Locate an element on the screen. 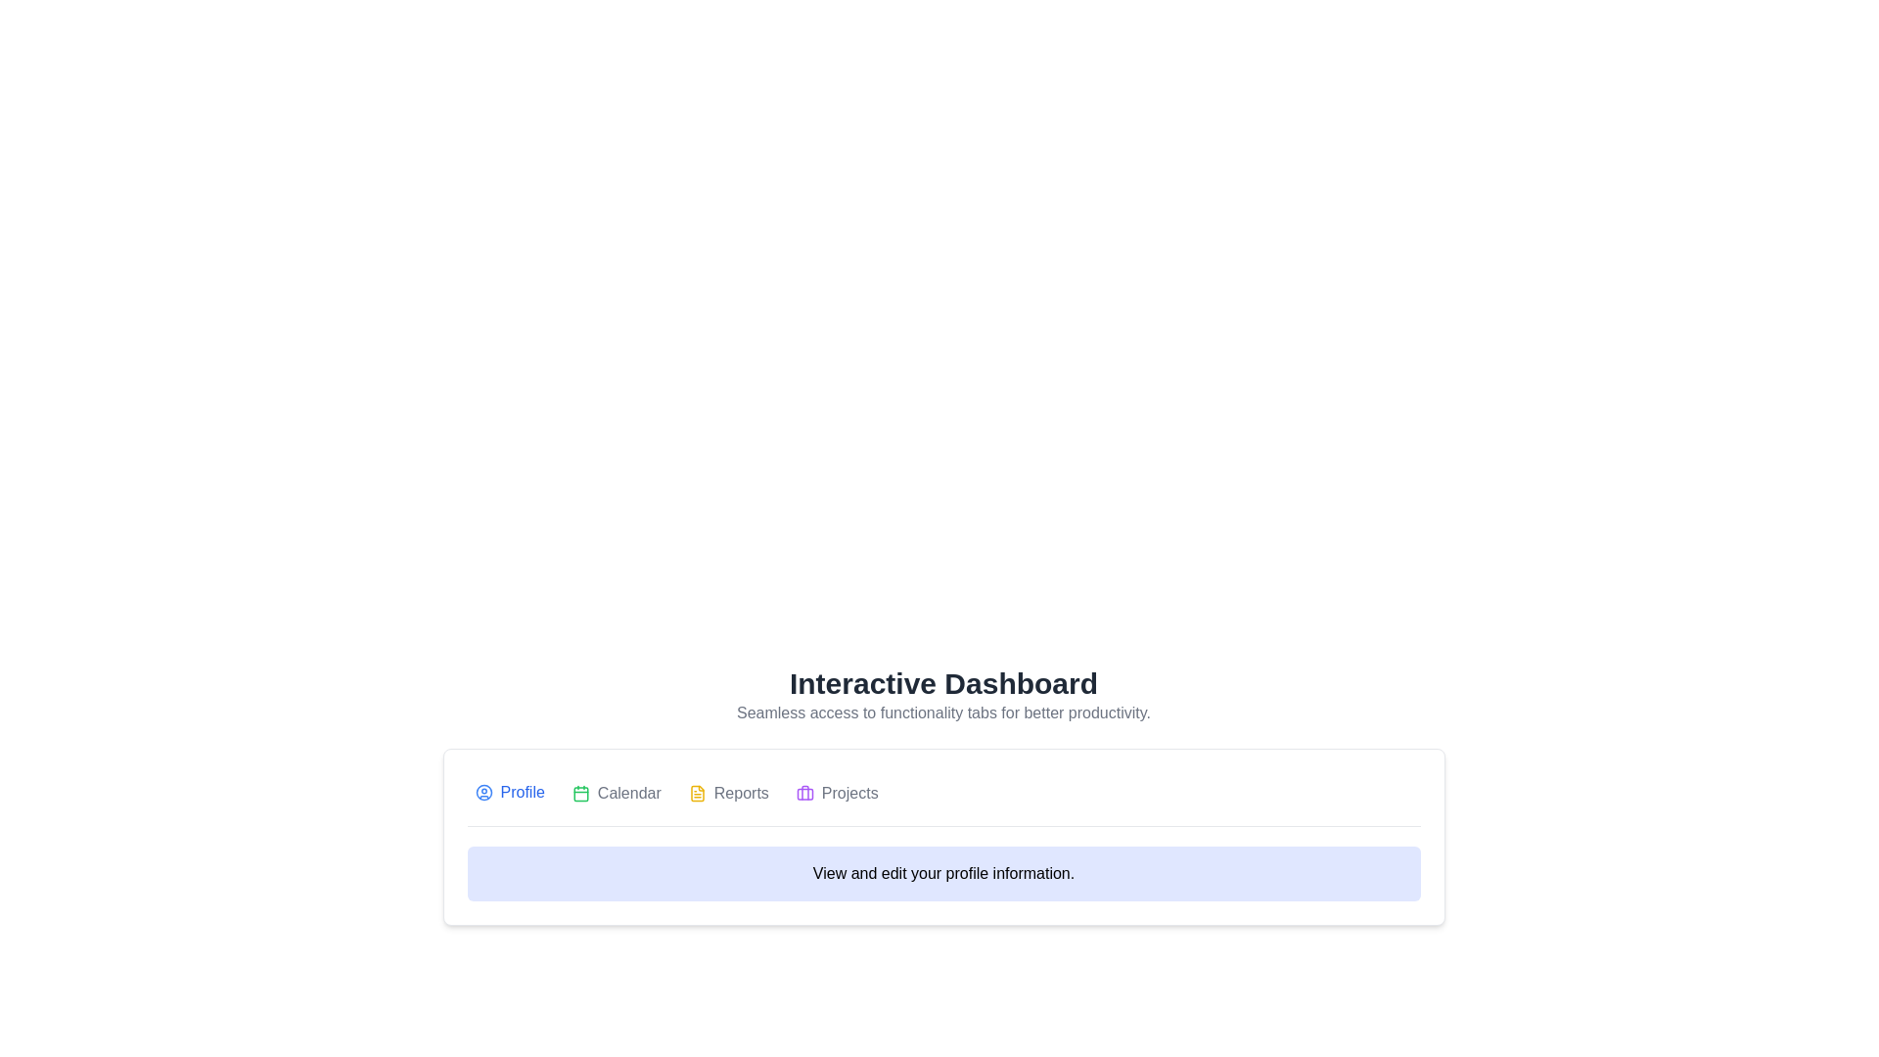 This screenshot has width=1879, height=1057. the yellow document icon representing a file or report, located to the left of the 'Reports' text in the tab group at the center-bottom of the interface is located at coordinates (697, 793).